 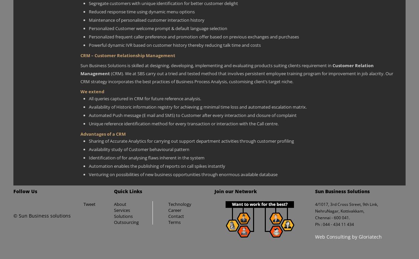 What do you see at coordinates (191, 140) in the screenshot?
I see `'Sharing of Accurate Analytics for carrying out support department activities through customer profiling'` at bounding box center [191, 140].